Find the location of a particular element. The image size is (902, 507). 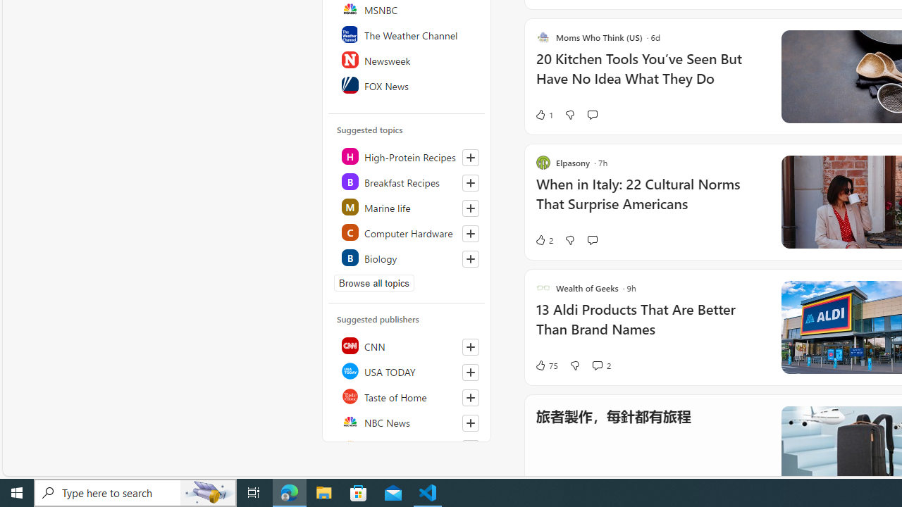

'2 Like' is located at coordinates (543, 239).